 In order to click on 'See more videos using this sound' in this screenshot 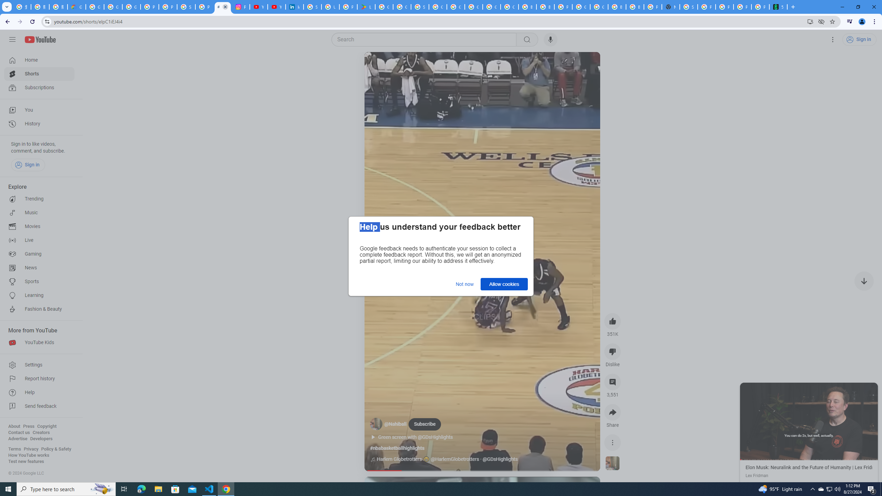, I will do `click(613, 463)`.